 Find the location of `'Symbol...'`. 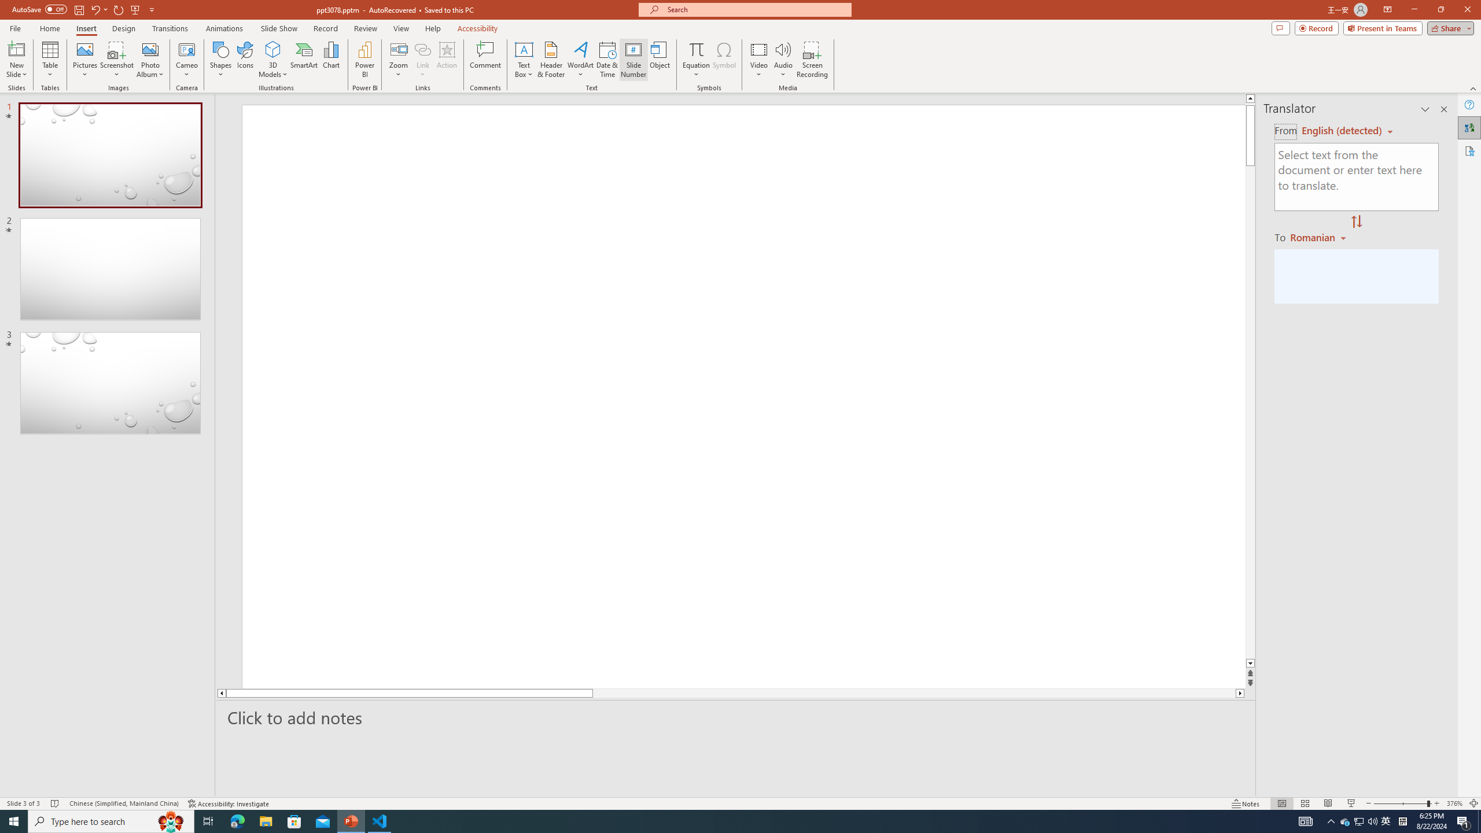

'Symbol...' is located at coordinates (724, 60).